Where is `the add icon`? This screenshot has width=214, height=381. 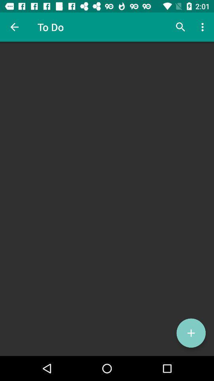 the add icon is located at coordinates (191, 333).